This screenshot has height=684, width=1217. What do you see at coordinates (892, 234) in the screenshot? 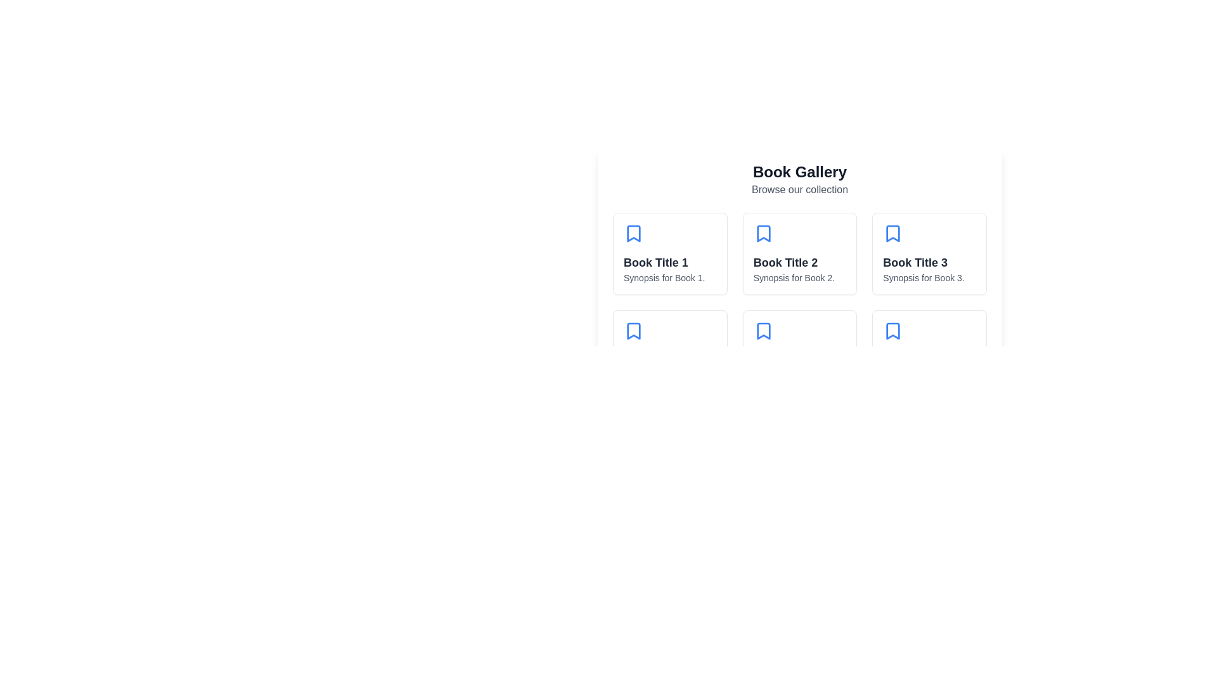
I see `the bookmark icon located at the top left corner of the 'Book Title 3' card in the grid layout` at bounding box center [892, 234].